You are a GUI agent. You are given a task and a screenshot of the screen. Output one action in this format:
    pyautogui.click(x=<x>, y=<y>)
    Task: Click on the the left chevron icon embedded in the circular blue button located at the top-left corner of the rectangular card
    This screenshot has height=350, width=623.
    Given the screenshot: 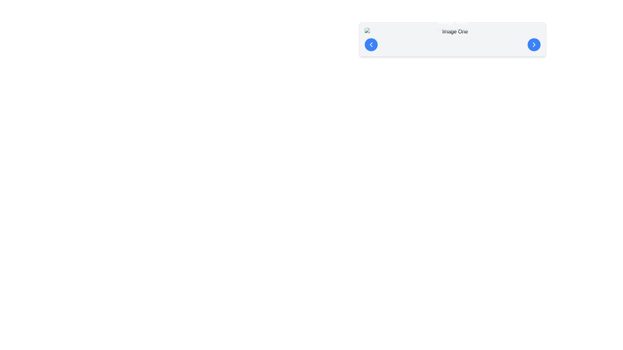 What is the action you would take?
    pyautogui.click(x=371, y=44)
    